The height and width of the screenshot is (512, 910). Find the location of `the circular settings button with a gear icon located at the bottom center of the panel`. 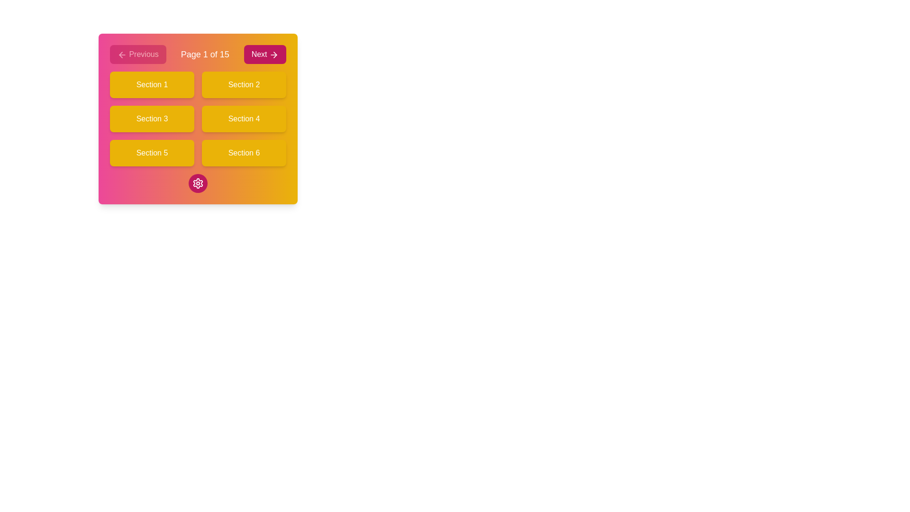

the circular settings button with a gear icon located at the bottom center of the panel is located at coordinates (197, 183).